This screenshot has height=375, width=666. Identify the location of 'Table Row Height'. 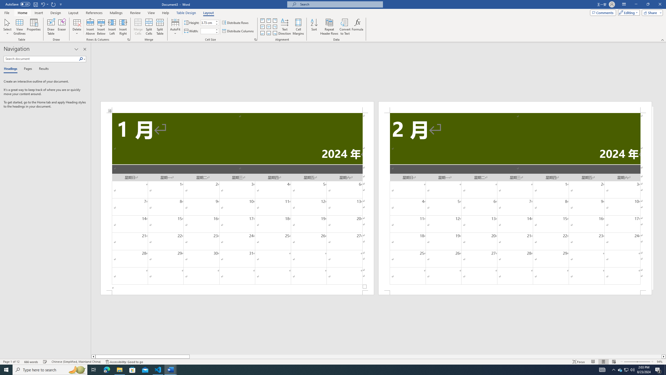
(208, 23).